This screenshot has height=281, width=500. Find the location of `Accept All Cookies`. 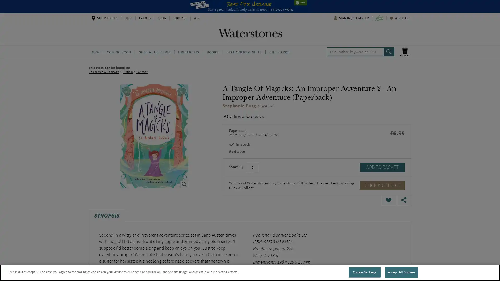

Accept All Cookies is located at coordinates (401, 272).